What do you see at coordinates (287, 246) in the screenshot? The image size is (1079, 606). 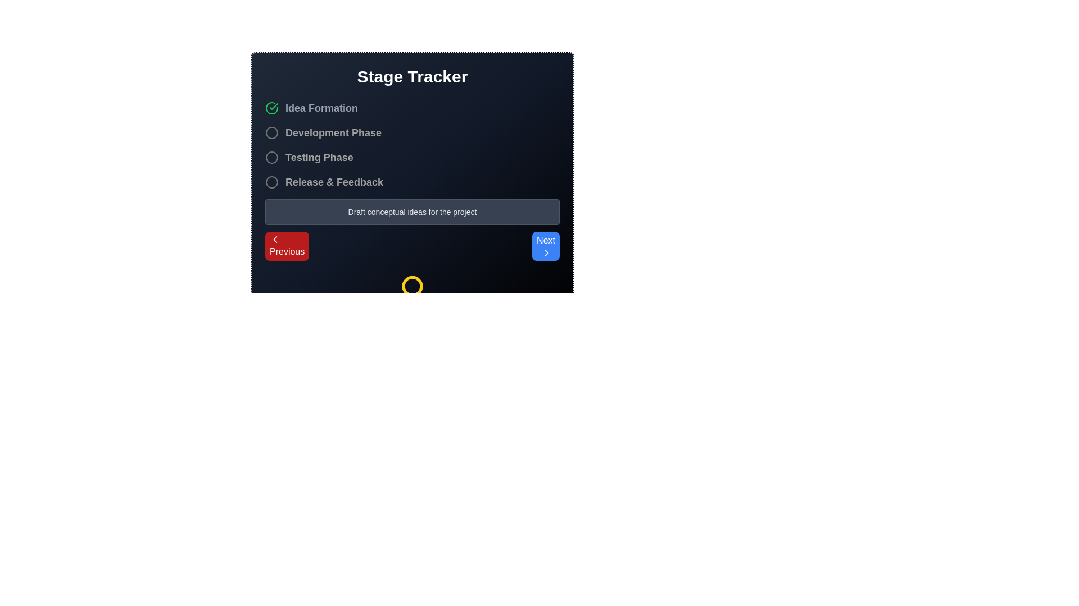 I see `the leftmost navigation button located at the bottom of the interface` at bounding box center [287, 246].